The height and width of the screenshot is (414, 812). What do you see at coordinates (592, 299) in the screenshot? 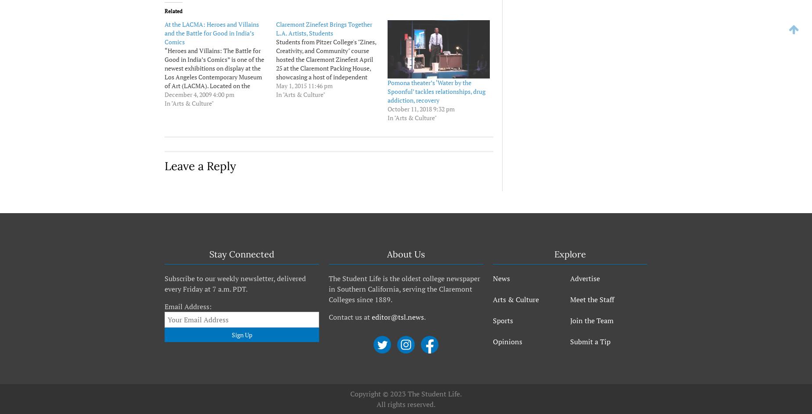
I see `'Meet the Staff'` at bounding box center [592, 299].